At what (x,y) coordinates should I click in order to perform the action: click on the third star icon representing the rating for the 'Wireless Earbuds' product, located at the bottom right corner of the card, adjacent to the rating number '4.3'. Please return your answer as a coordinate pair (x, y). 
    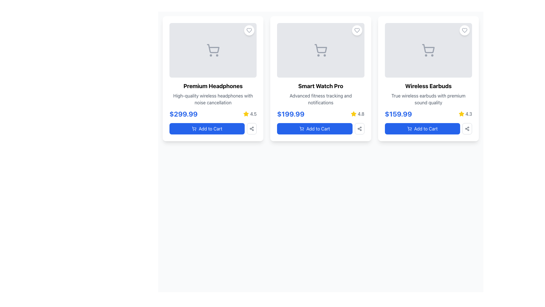
    Looking at the image, I should click on (461, 114).